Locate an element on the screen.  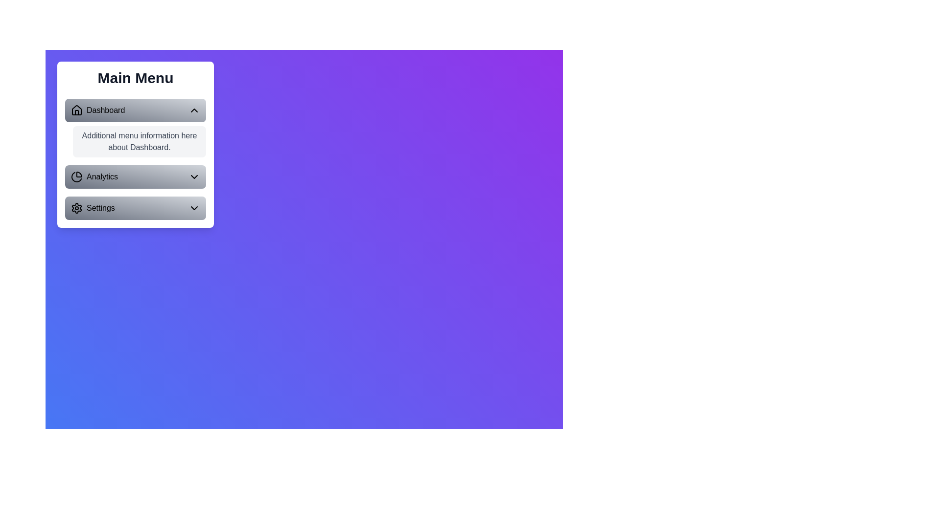
the visual representation of the pie chart segment adjacent to the 'Analytics' label in the menu is located at coordinates (76, 177).